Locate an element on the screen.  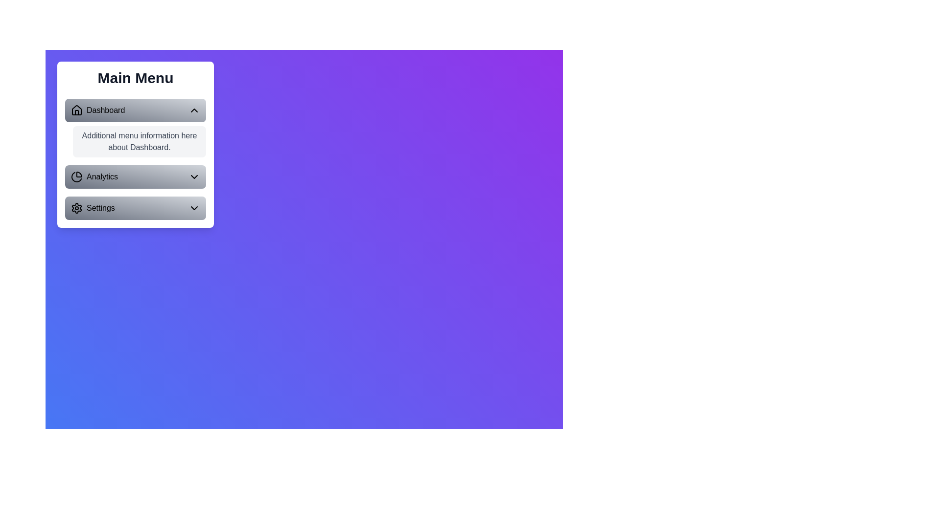
the visual representation of the pie chart segment adjacent to the 'Analytics' label in the menu is located at coordinates (76, 177).